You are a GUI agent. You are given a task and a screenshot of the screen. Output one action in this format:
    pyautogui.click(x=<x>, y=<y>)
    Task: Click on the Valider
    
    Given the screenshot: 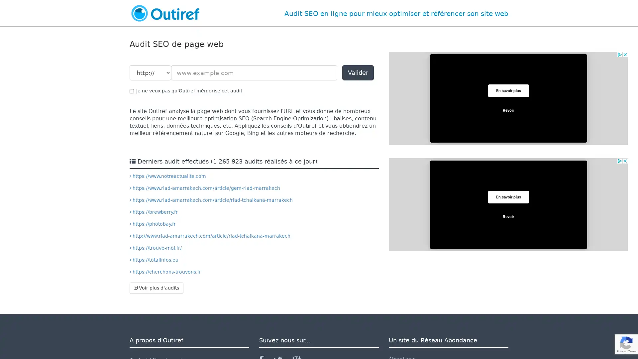 What is the action you would take?
    pyautogui.click(x=358, y=73)
    